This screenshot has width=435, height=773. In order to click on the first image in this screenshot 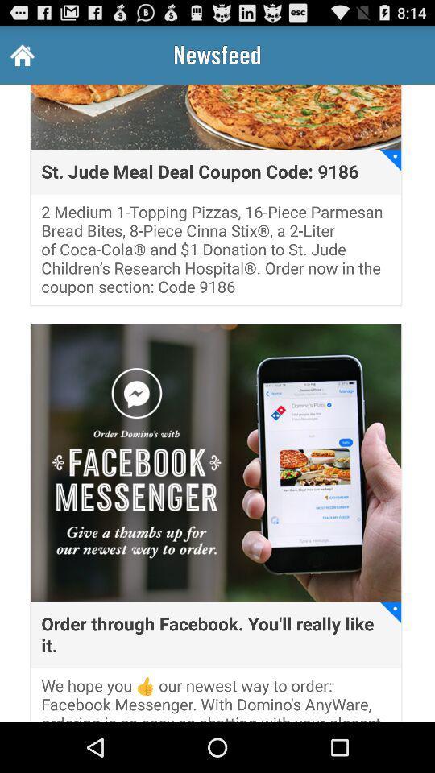, I will do `click(216, 116)`.